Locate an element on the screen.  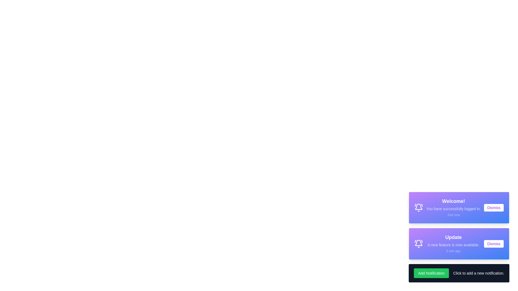
the notification icon to interact with it is located at coordinates (418, 207).